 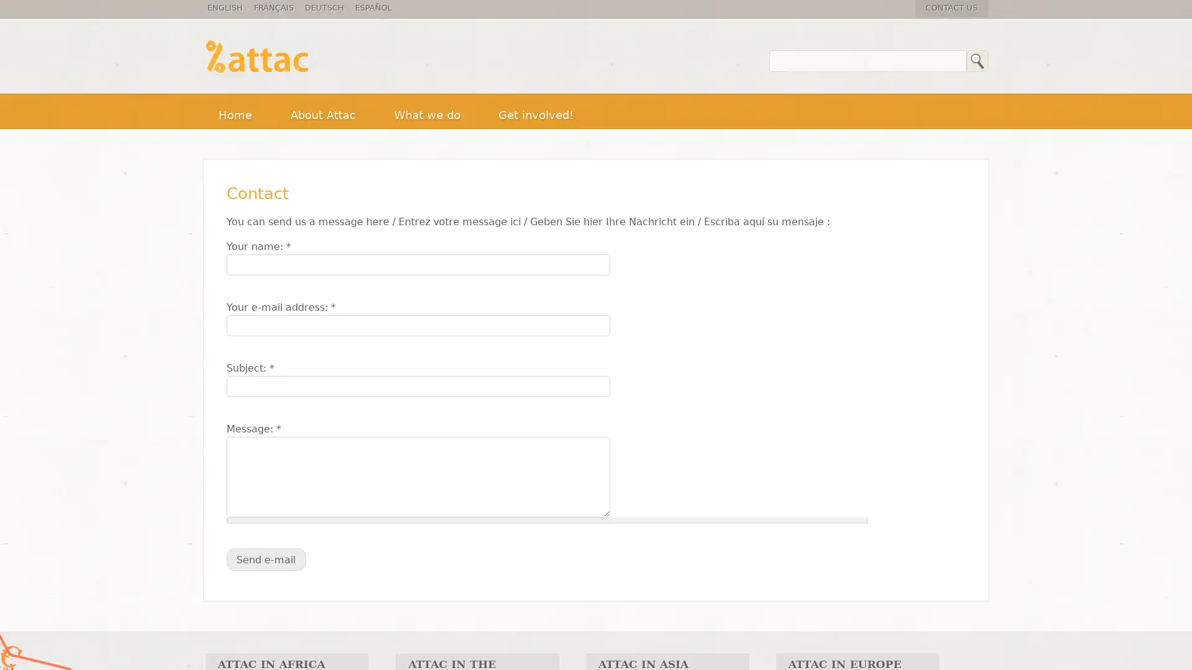 I want to click on Search, so click(x=977, y=61).